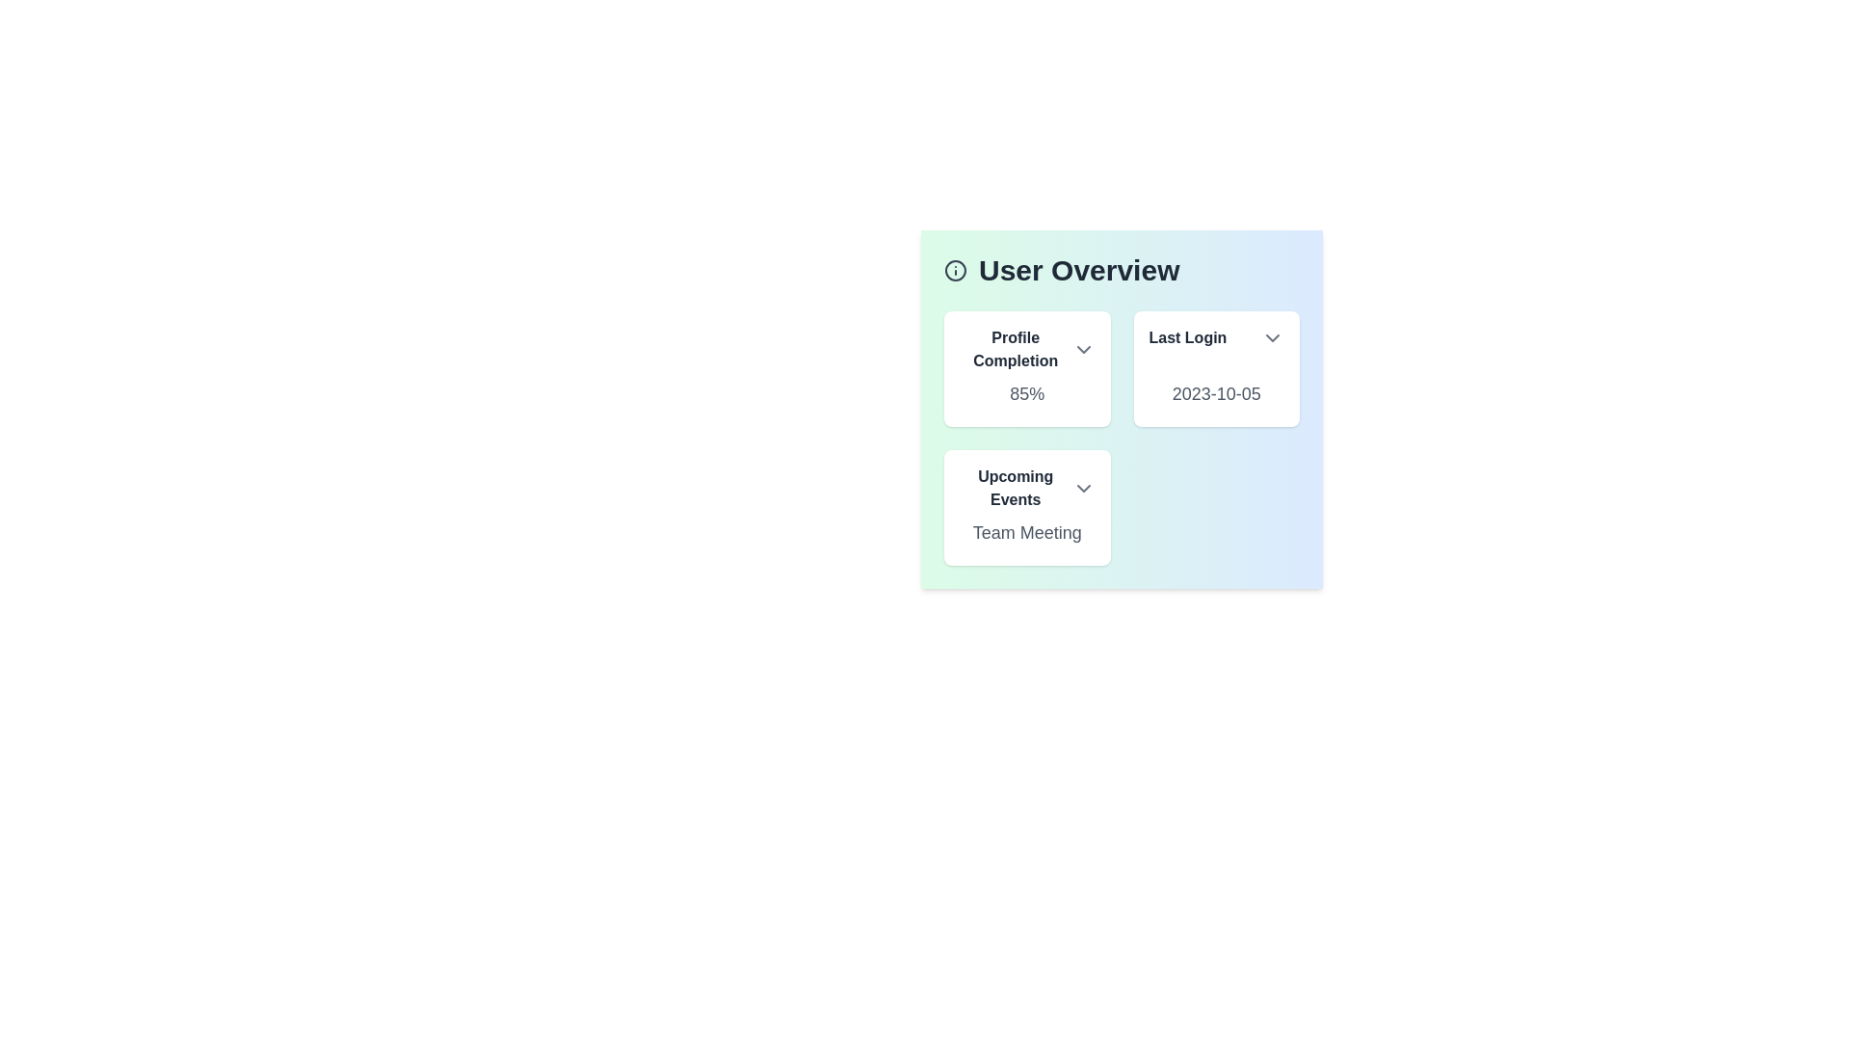 This screenshot has height=1041, width=1850. I want to click on the text label displaying the date '2023-10-05', which is located in the bottom-right section of the 'User Overview' under the 'Last Login' box, so click(1215, 392).